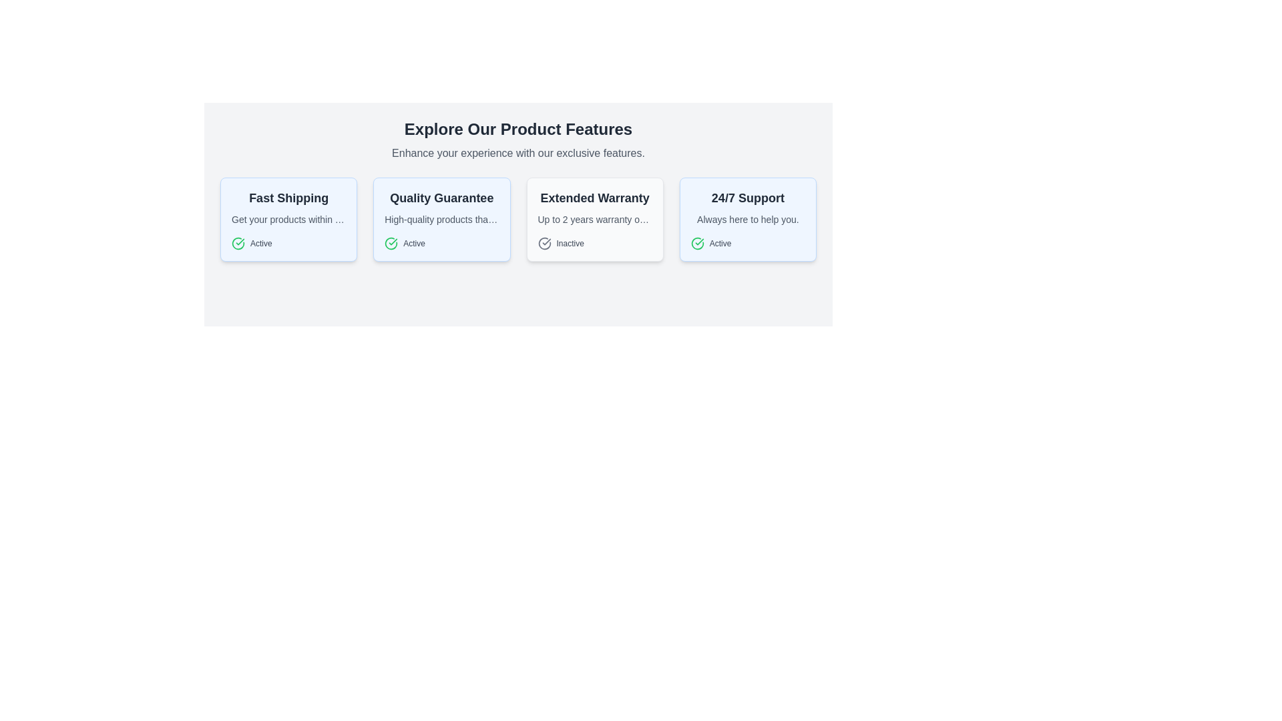 Image resolution: width=1282 pixels, height=721 pixels. Describe the element at coordinates (288, 218) in the screenshot. I see `the Text Label that reads 'Get your products within 2-3 business days.' which is located below the title 'Fast Shipping' in the card layout` at that location.